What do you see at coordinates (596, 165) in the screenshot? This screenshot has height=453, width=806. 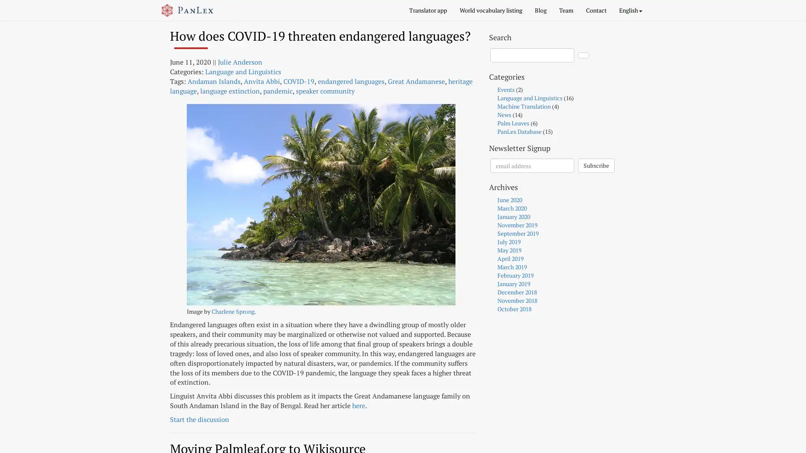 I see `Subscribe` at bounding box center [596, 165].